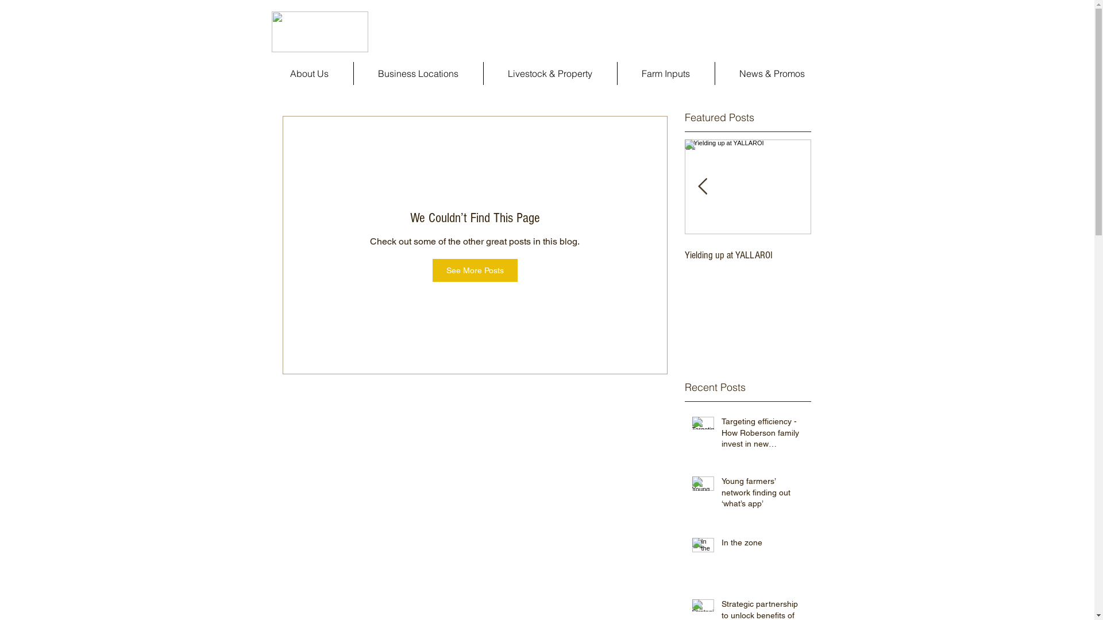 The height and width of the screenshot is (620, 1103). What do you see at coordinates (308, 73) in the screenshot?
I see `'About Us'` at bounding box center [308, 73].